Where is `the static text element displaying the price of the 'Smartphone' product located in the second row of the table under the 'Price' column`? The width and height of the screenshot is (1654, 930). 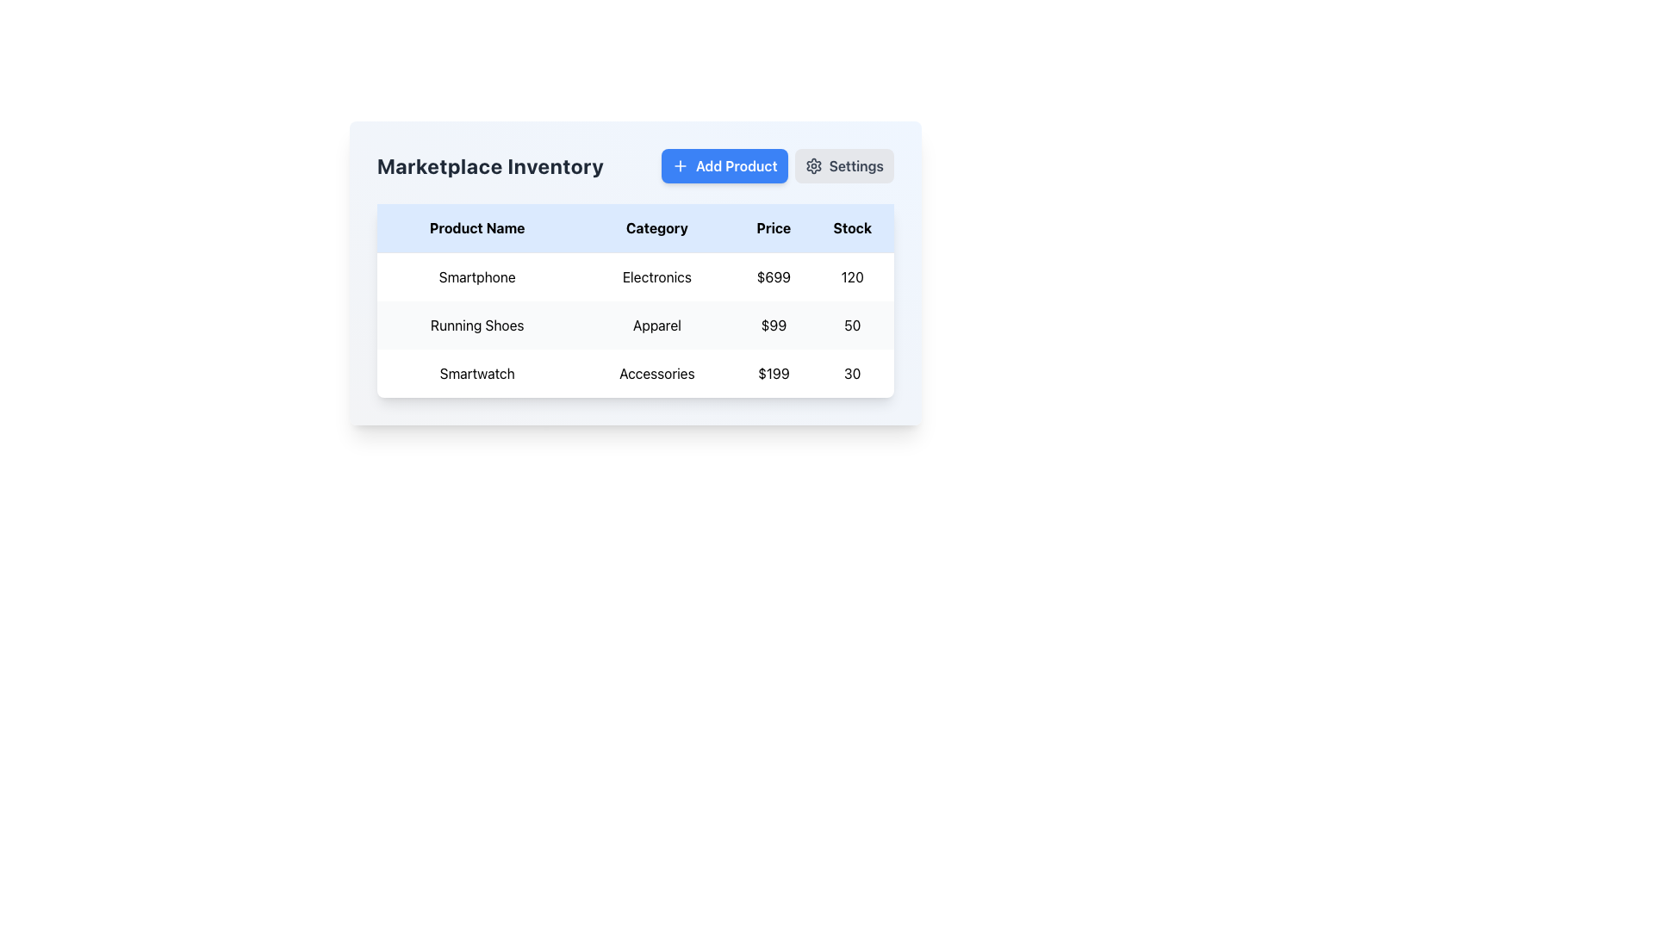 the static text element displaying the price of the 'Smartphone' product located in the second row of the table under the 'Price' column is located at coordinates (773, 276).